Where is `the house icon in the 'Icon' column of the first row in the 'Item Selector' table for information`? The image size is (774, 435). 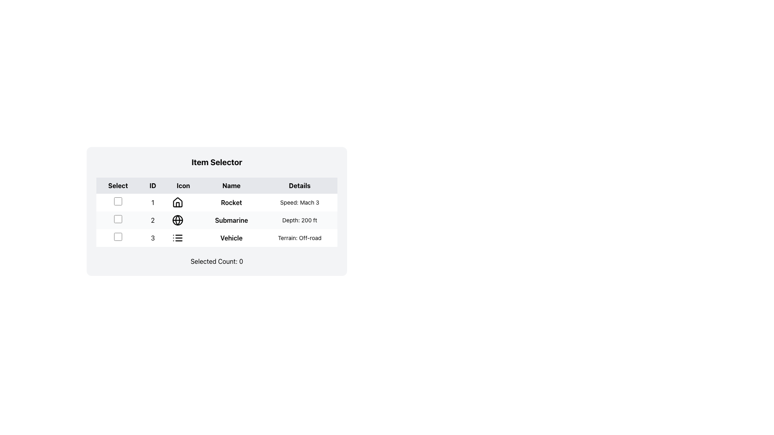 the house icon in the 'Icon' column of the first row in the 'Item Selector' table for information is located at coordinates (183, 202).